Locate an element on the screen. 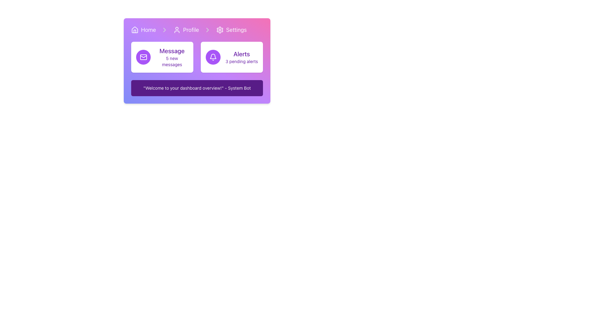 The height and width of the screenshot is (334, 594). the 'Profile' navigation link is located at coordinates (186, 30).